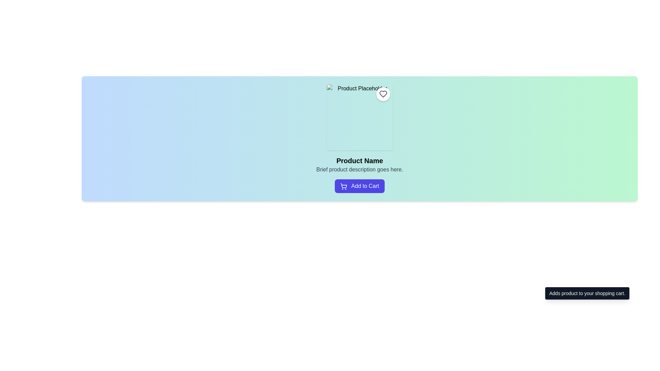  Describe the element at coordinates (343, 185) in the screenshot. I see `the shopping cart icon within the 'Add to Cart' button` at that location.